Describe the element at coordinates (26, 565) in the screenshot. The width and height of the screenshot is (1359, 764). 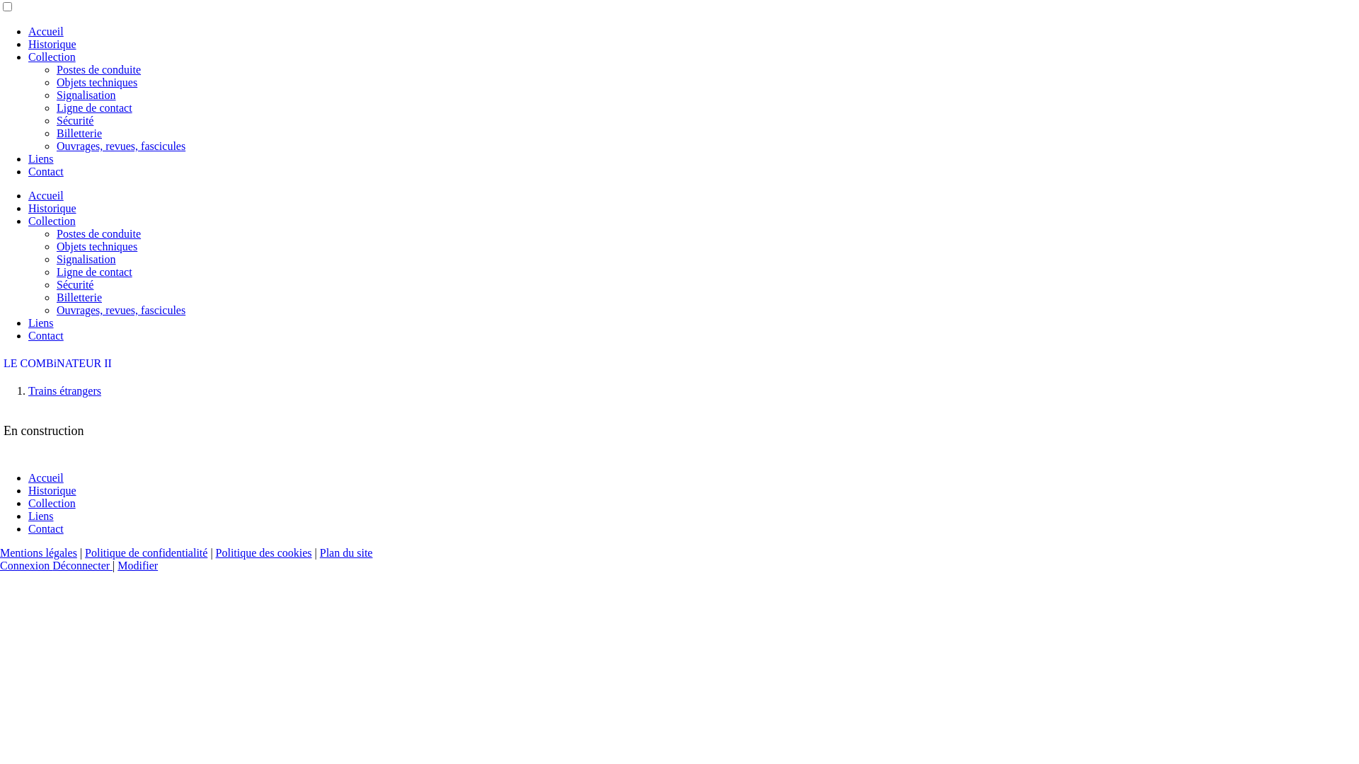
I see `'Connexion'` at that location.